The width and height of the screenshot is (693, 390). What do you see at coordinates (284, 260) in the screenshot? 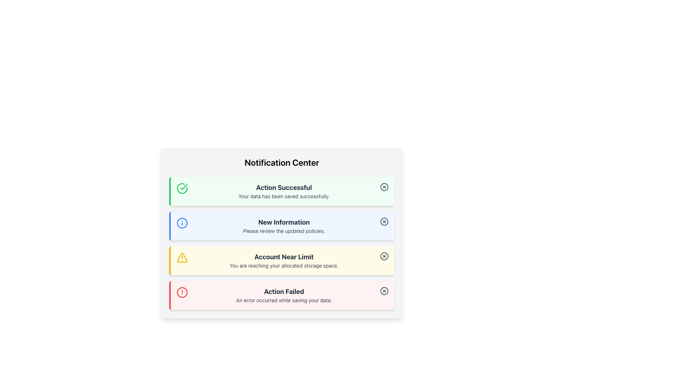
I see `information from the third notification in the notification center, which is a yellow-themed box indicating that storage usage is nearing the allocated limit` at bounding box center [284, 260].